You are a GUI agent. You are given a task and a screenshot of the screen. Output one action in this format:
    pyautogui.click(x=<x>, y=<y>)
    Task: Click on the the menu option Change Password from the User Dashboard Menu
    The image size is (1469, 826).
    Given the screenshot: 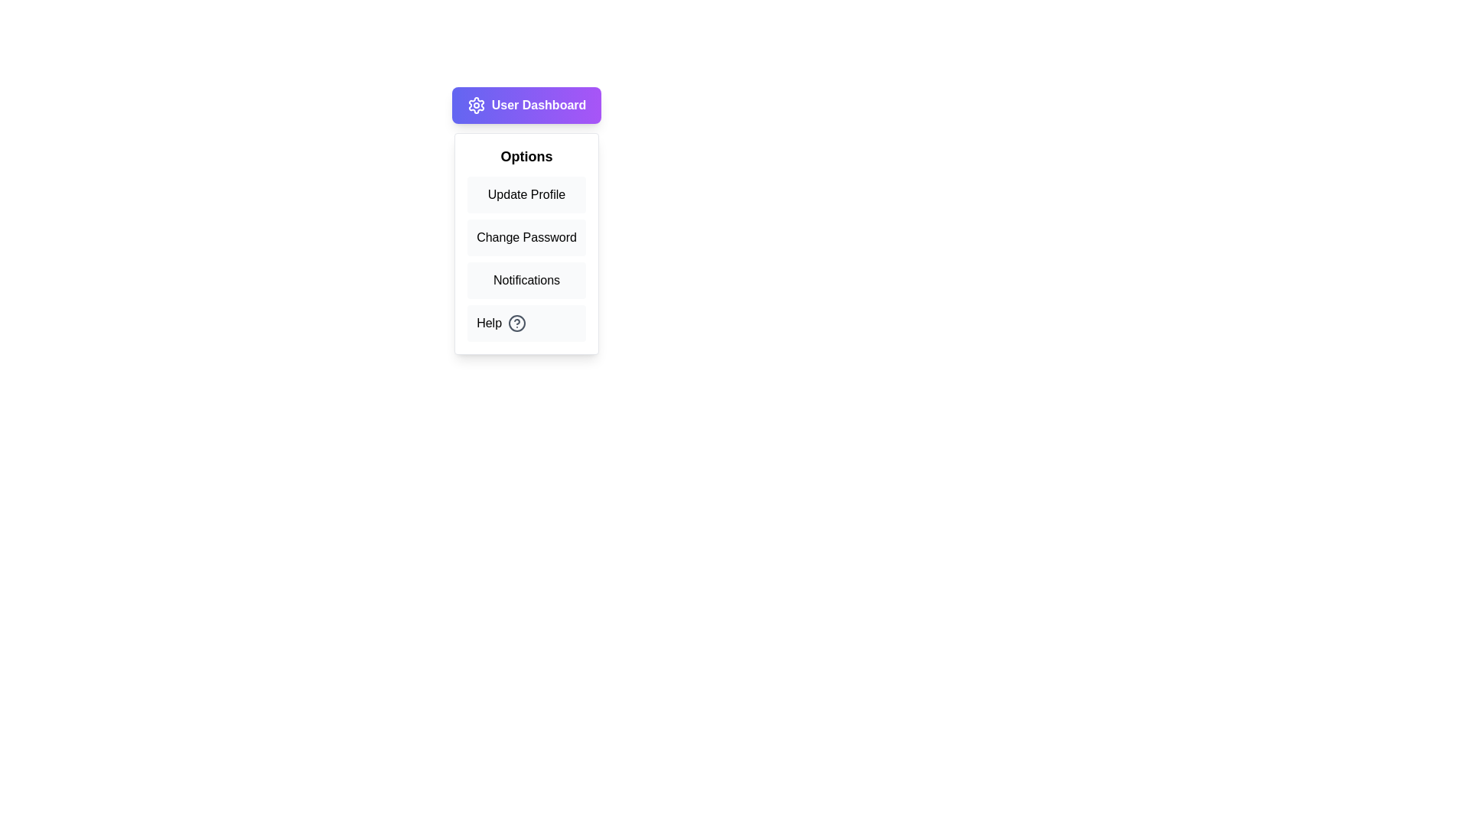 What is the action you would take?
    pyautogui.click(x=526, y=238)
    